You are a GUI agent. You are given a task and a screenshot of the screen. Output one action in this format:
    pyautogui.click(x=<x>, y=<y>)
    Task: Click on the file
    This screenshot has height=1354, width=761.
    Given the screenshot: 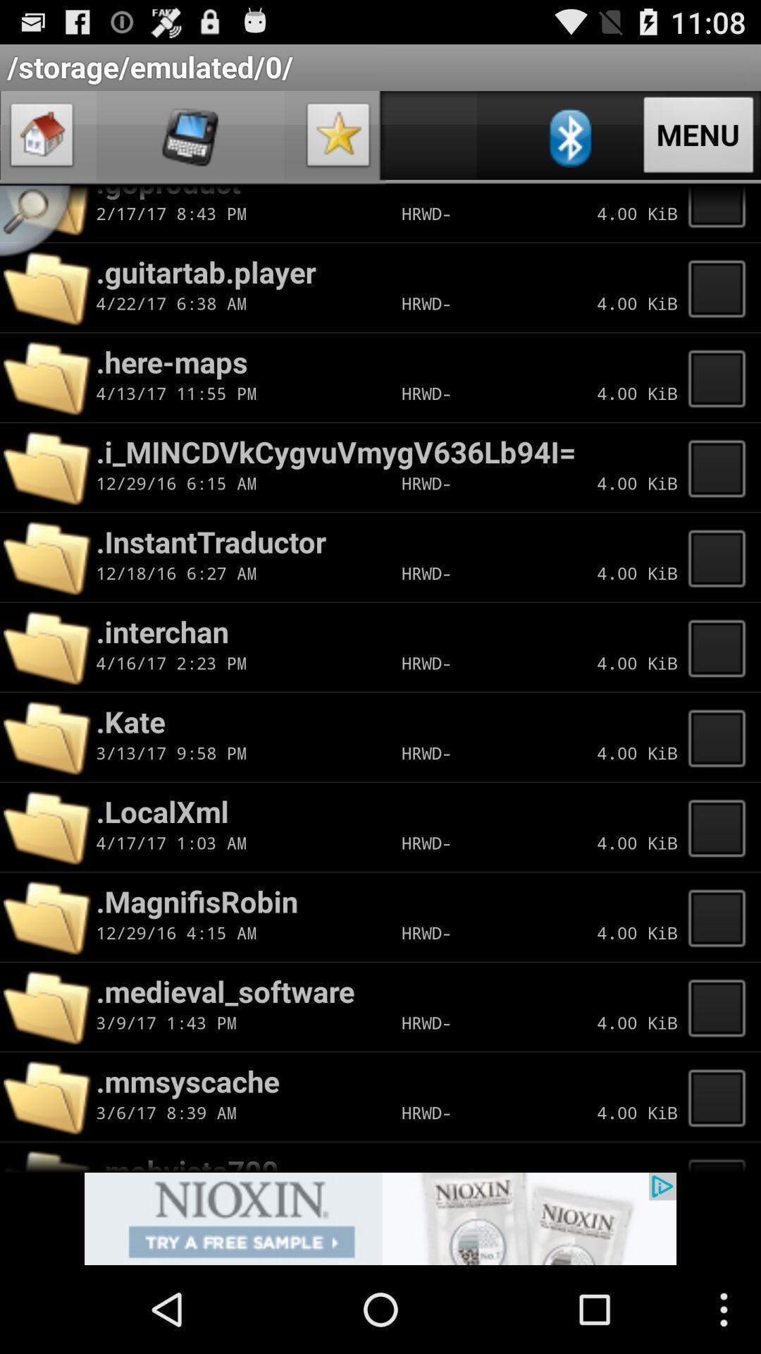 What is the action you would take?
    pyautogui.click(x=721, y=1006)
    